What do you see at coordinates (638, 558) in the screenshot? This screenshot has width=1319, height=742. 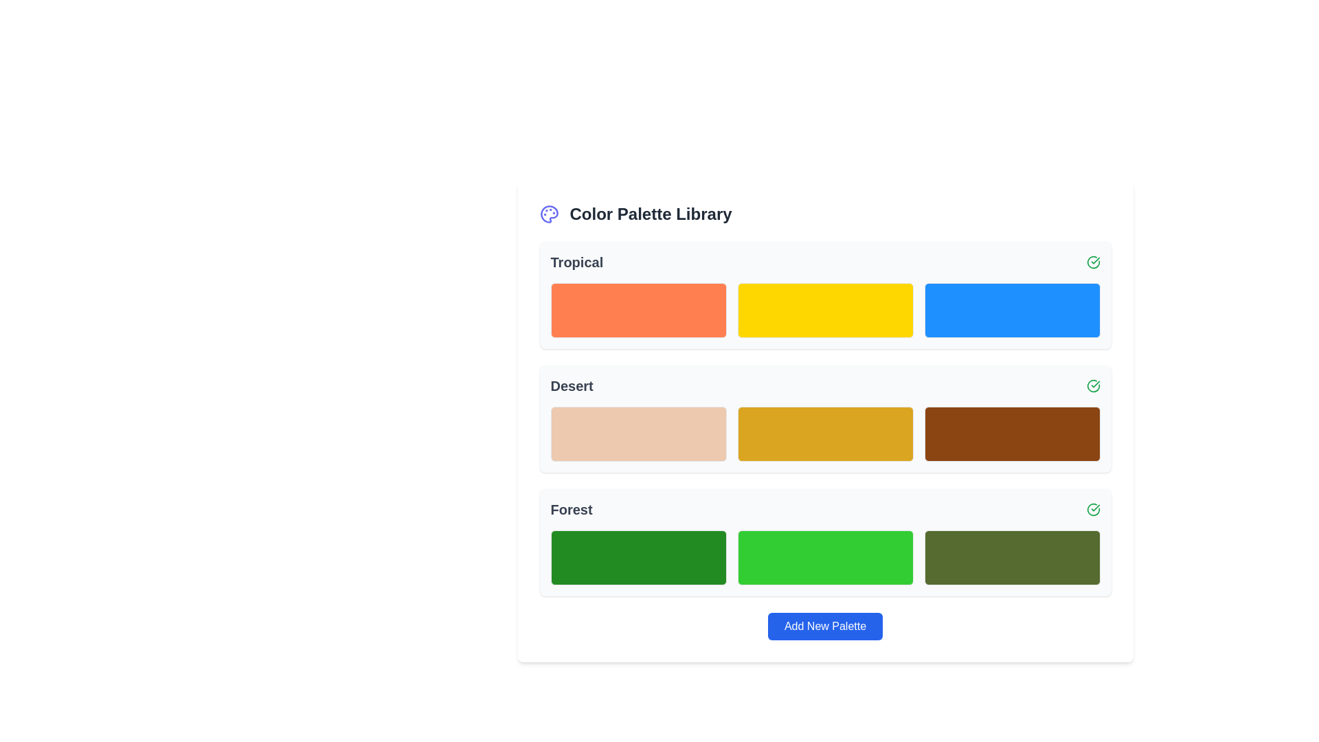 I see `the first horizontally elongated rectangle filled with a solid forest green color in the 'Forest' section of the 'Color Palette Library' interface` at bounding box center [638, 558].